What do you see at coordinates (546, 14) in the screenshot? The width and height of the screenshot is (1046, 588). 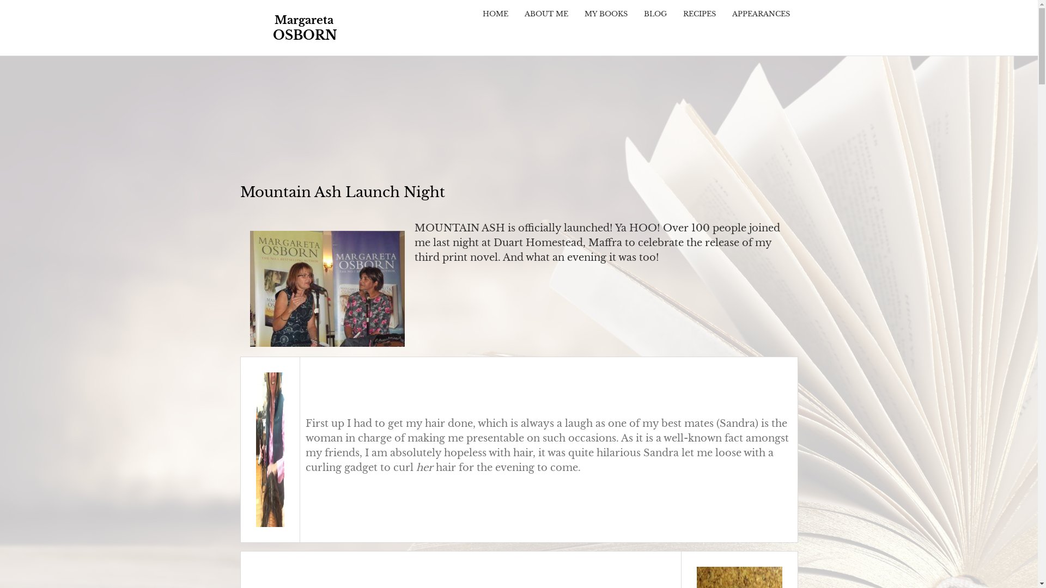 I see `'ABOUT ME'` at bounding box center [546, 14].